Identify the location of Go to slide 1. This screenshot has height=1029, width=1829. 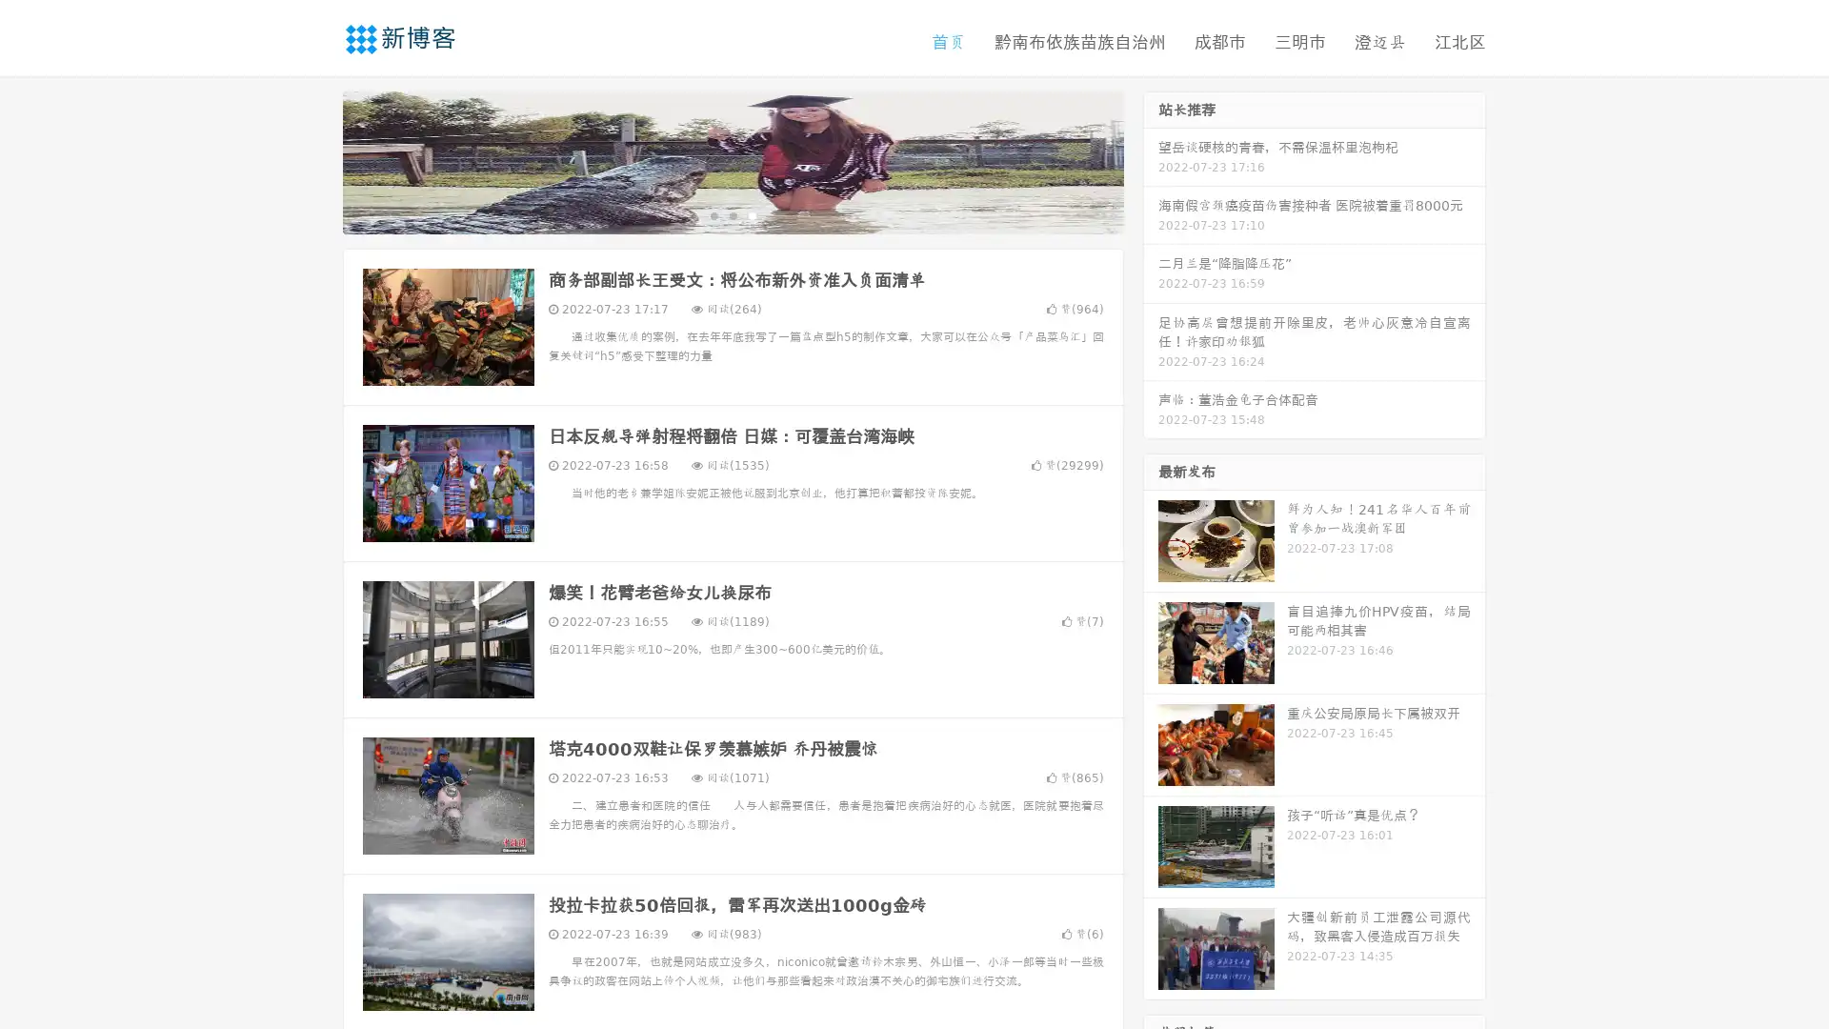
(713, 214).